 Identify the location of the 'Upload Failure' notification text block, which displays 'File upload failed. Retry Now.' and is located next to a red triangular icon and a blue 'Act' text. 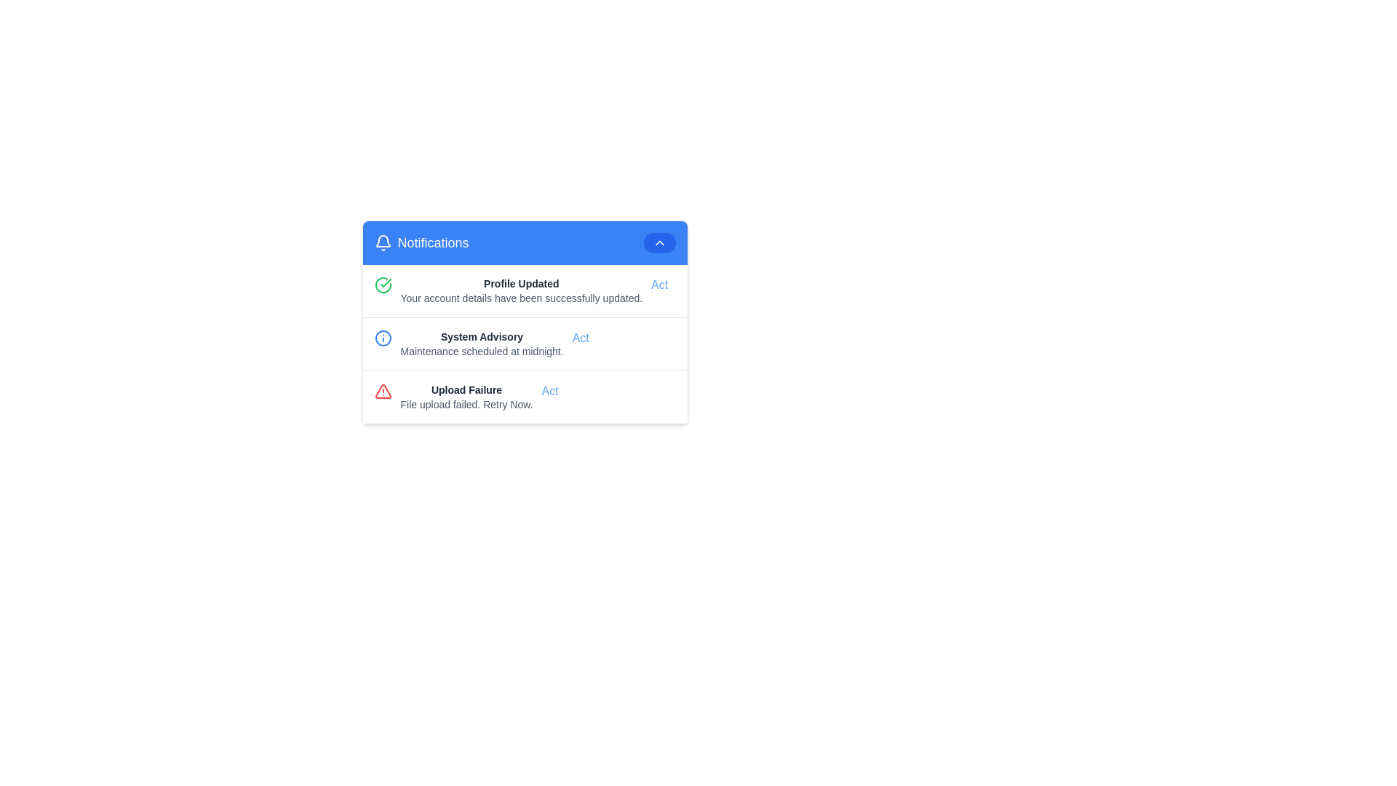
(466, 397).